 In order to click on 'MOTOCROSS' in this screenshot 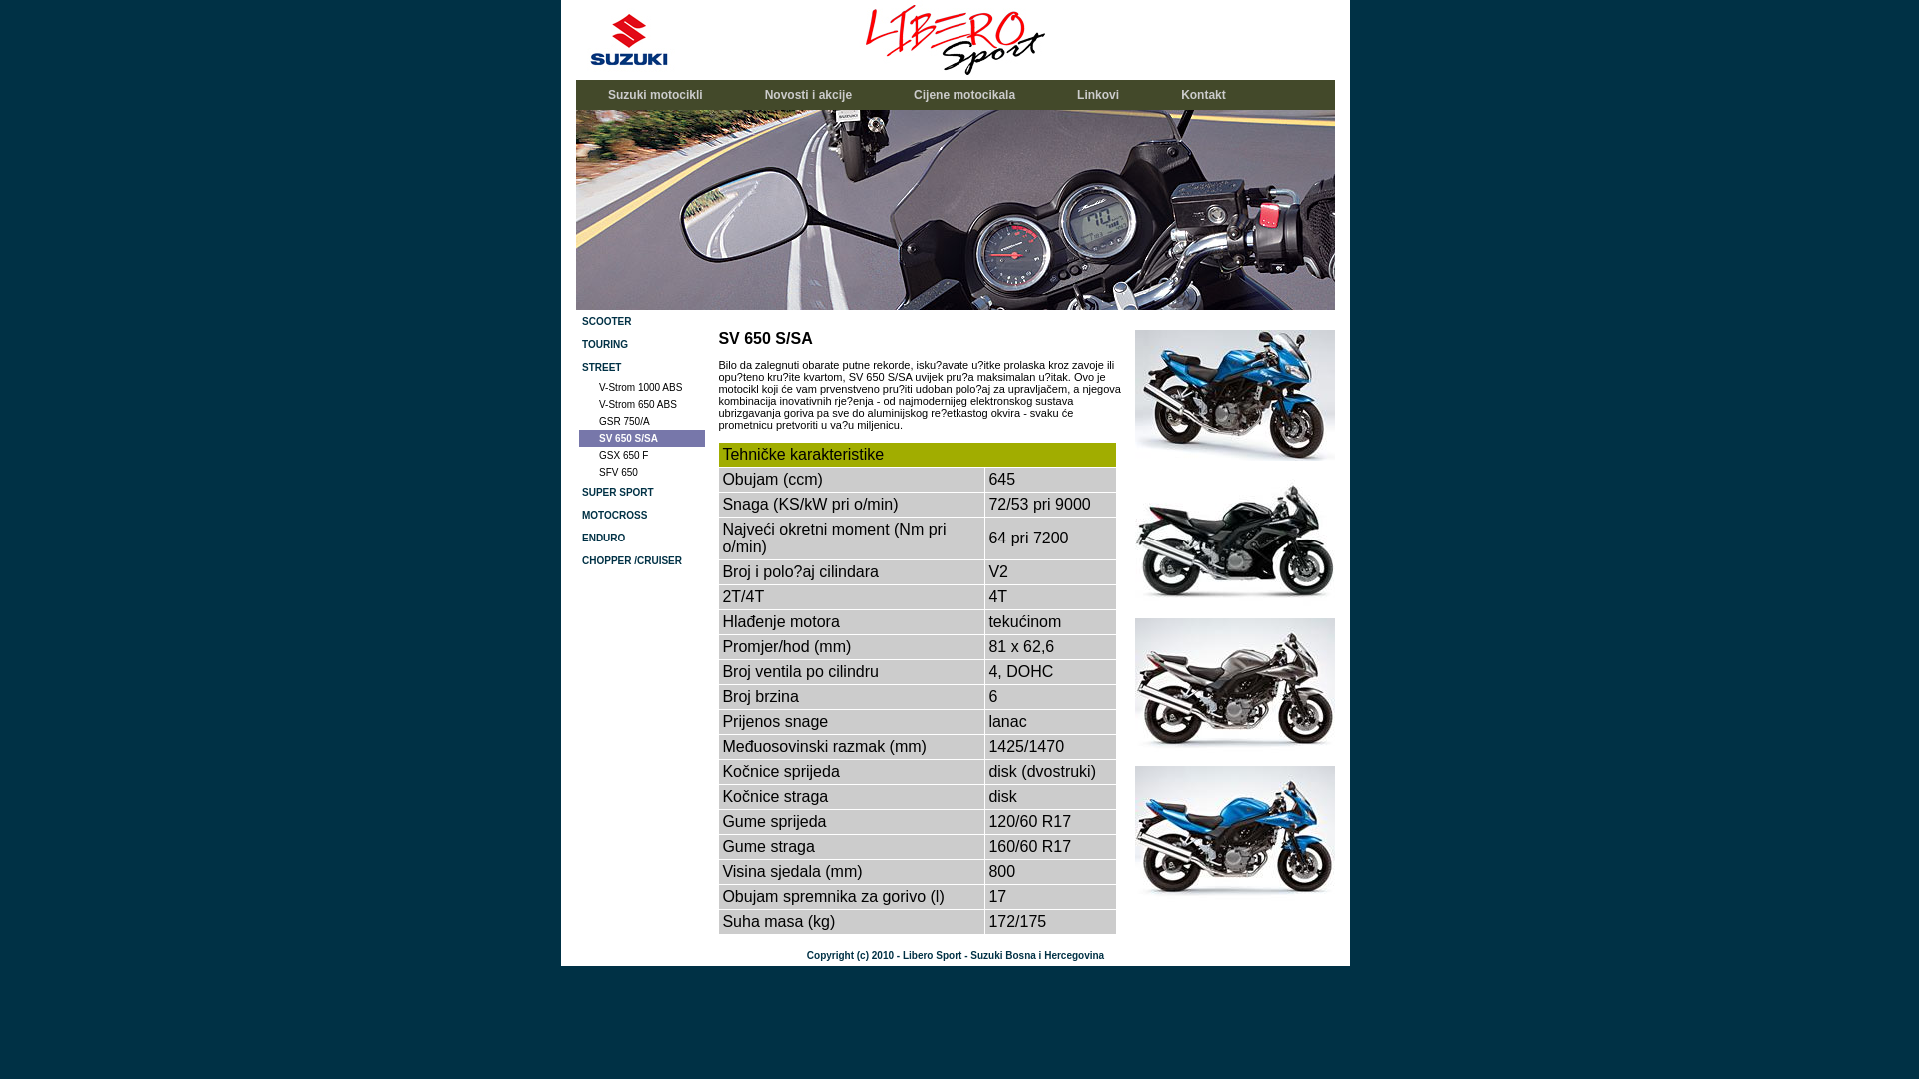, I will do `click(642, 514)`.